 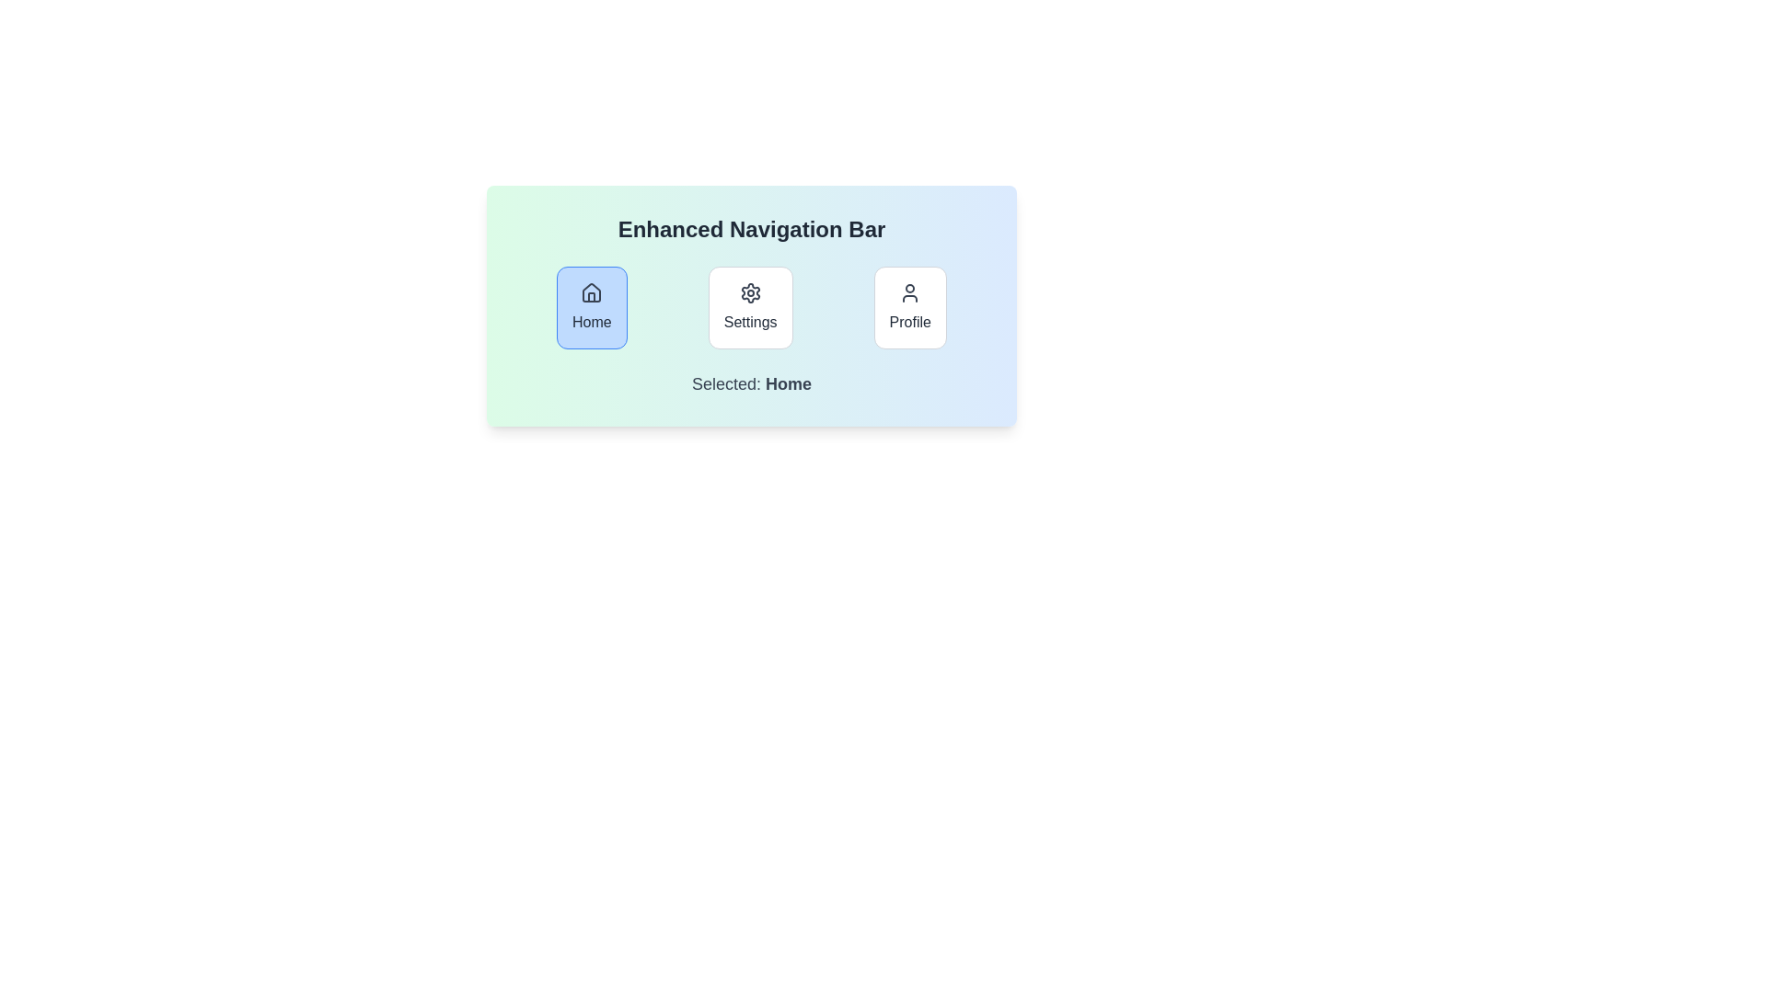 What do you see at coordinates (592, 296) in the screenshot?
I see `the Decorative icon element, which is a small vertical rectangle inside the house icon of the 'Home' button in the navigation bar` at bounding box center [592, 296].